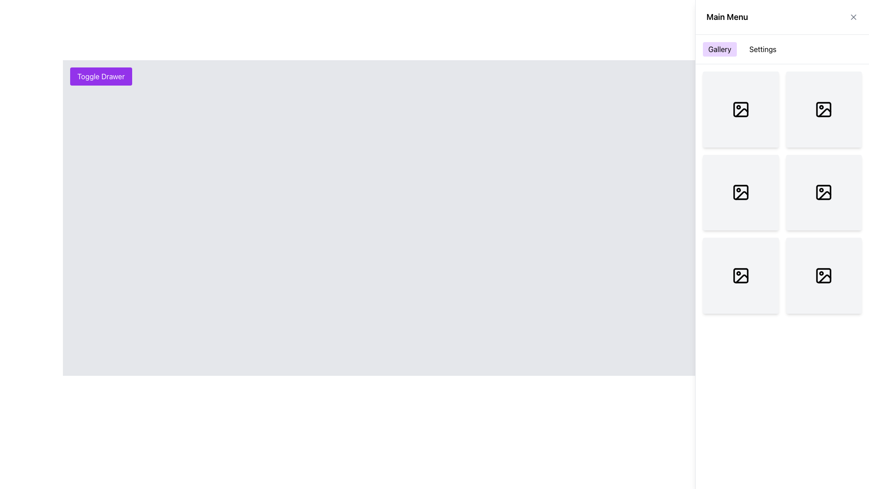 Image resolution: width=869 pixels, height=489 pixels. Describe the element at coordinates (824, 275) in the screenshot. I see `the graphical shape (rectangle with rounded corners) located in the bottom-right corner of the interface, which is part of a grid of icons` at that location.